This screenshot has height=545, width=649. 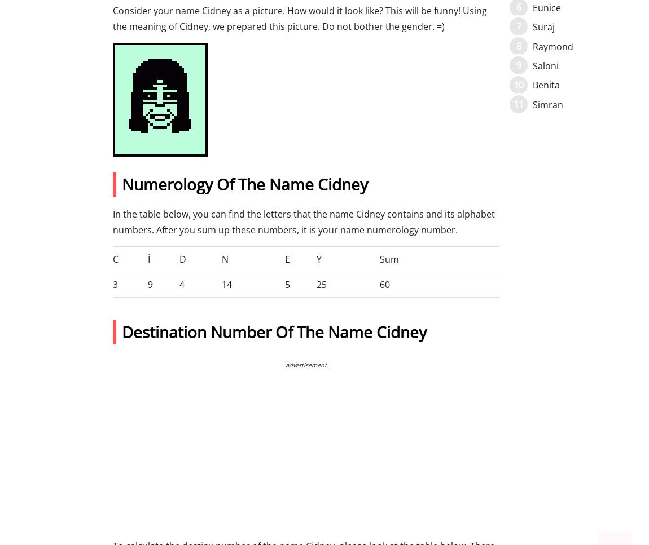 What do you see at coordinates (112, 283) in the screenshot?
I see `'3'` at bounding box center [112, 283].